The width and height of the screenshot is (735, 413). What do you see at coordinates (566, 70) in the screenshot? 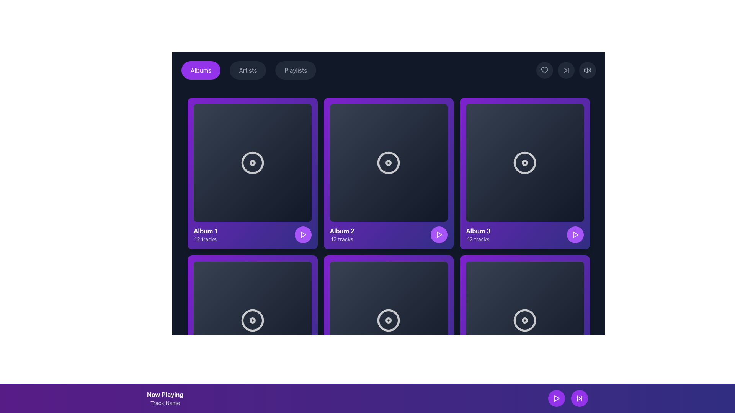
I see `the 'next track' button located in the upper-right corner of the interface, positioned between the 'heart' button and the 'speaker' button` at bounding box center [566, 70].